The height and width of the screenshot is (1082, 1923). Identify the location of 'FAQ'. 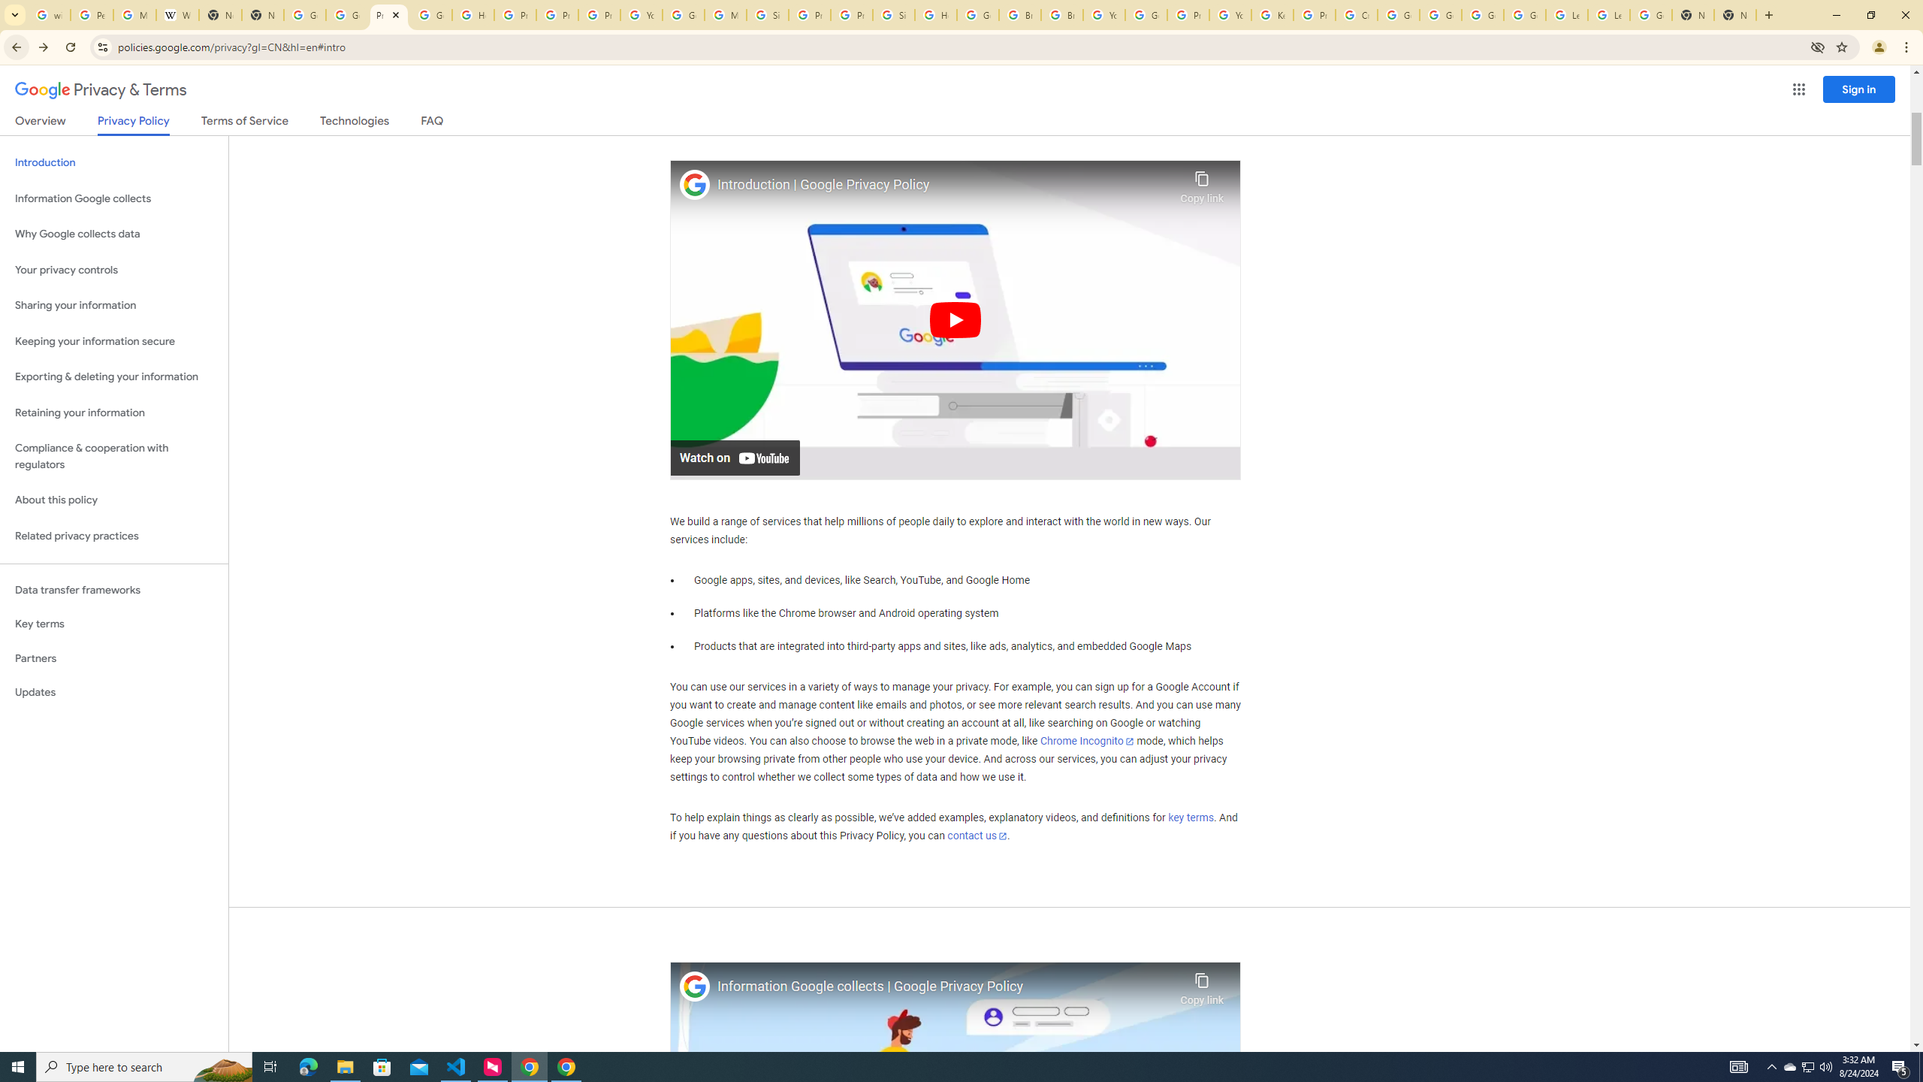
(432, 123).